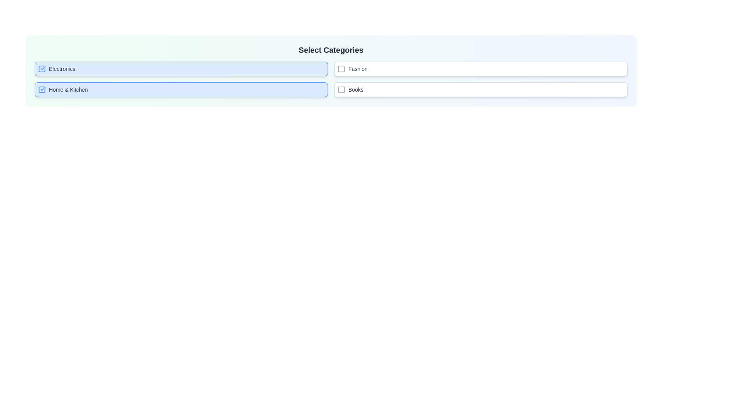 The image size is (740, 416). What do you see at coordinates (42, 89) in the screenshot?
I see `the blue square-shaped checkbox indicator with a checkmark, located on the left side of the 'Home & Kitchen' category under the 'Select Categories' heading, to receive interaction feedback` at bounding box center [42, 89].